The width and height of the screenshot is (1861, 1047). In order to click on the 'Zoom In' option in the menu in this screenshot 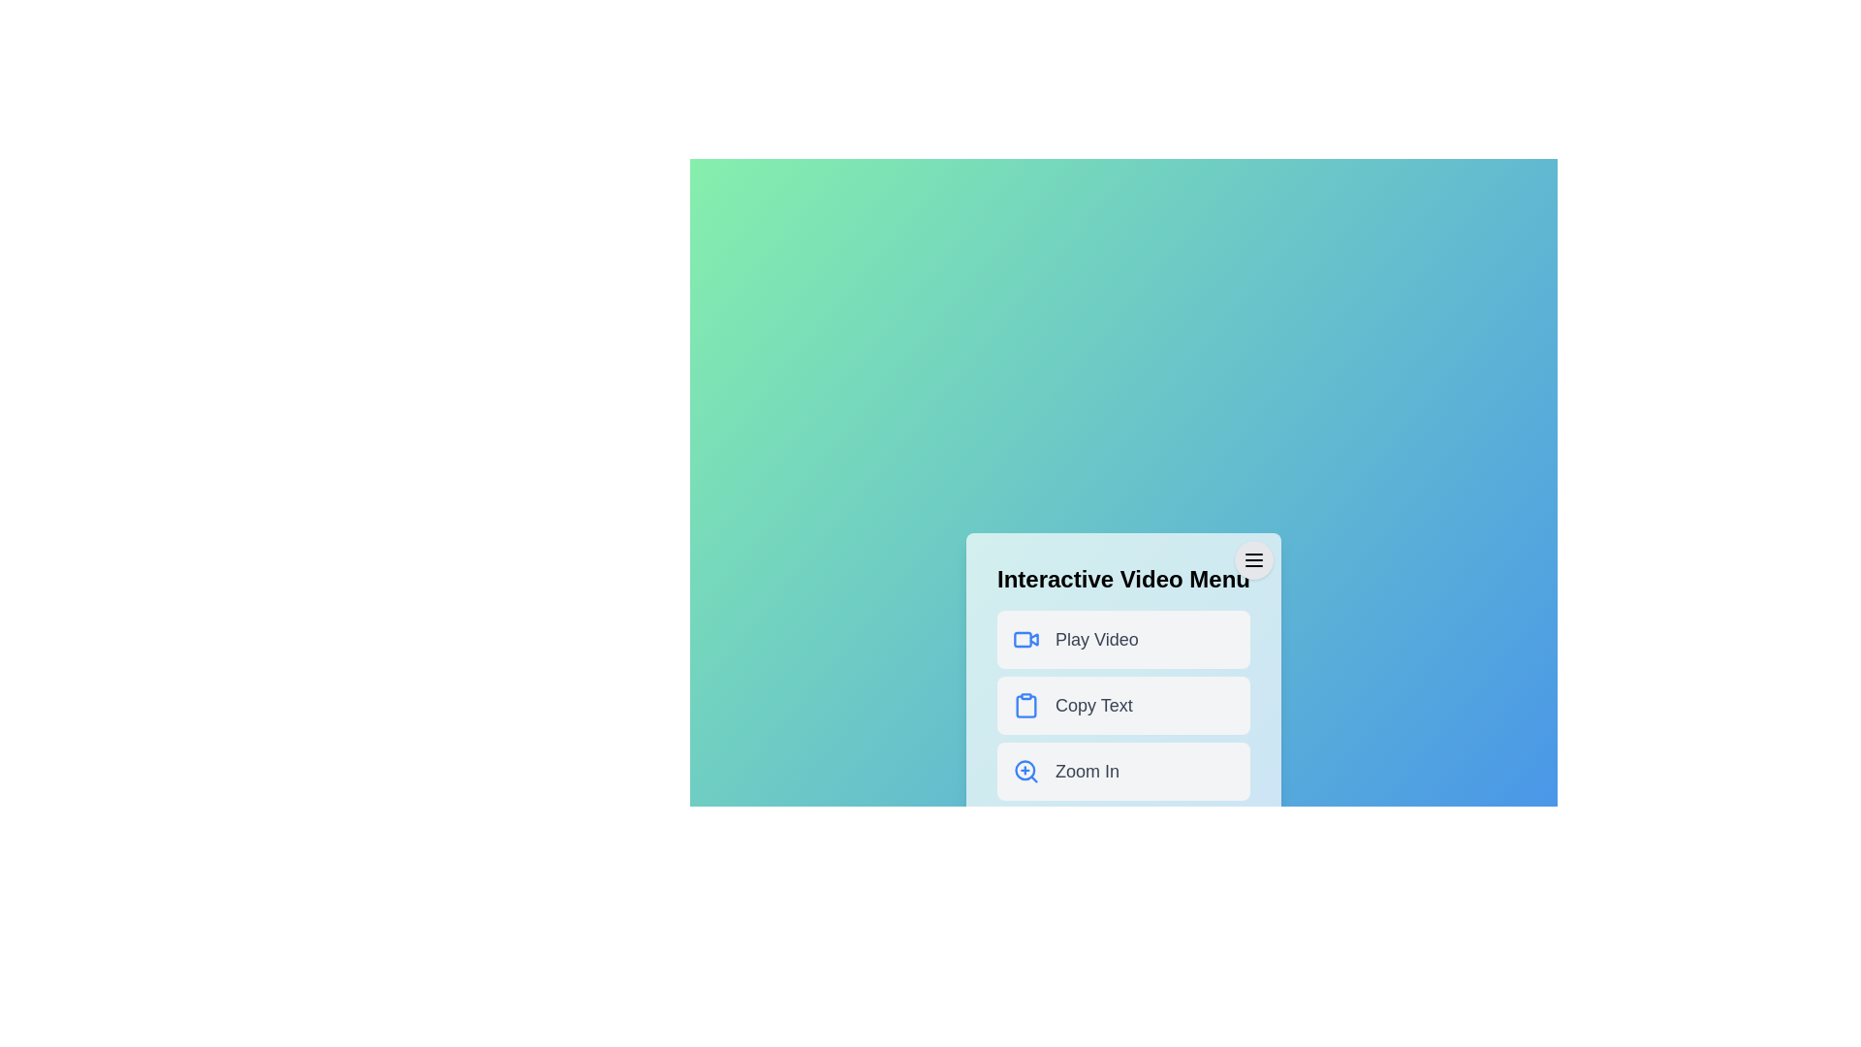, I will do `click(1123, 770)`.